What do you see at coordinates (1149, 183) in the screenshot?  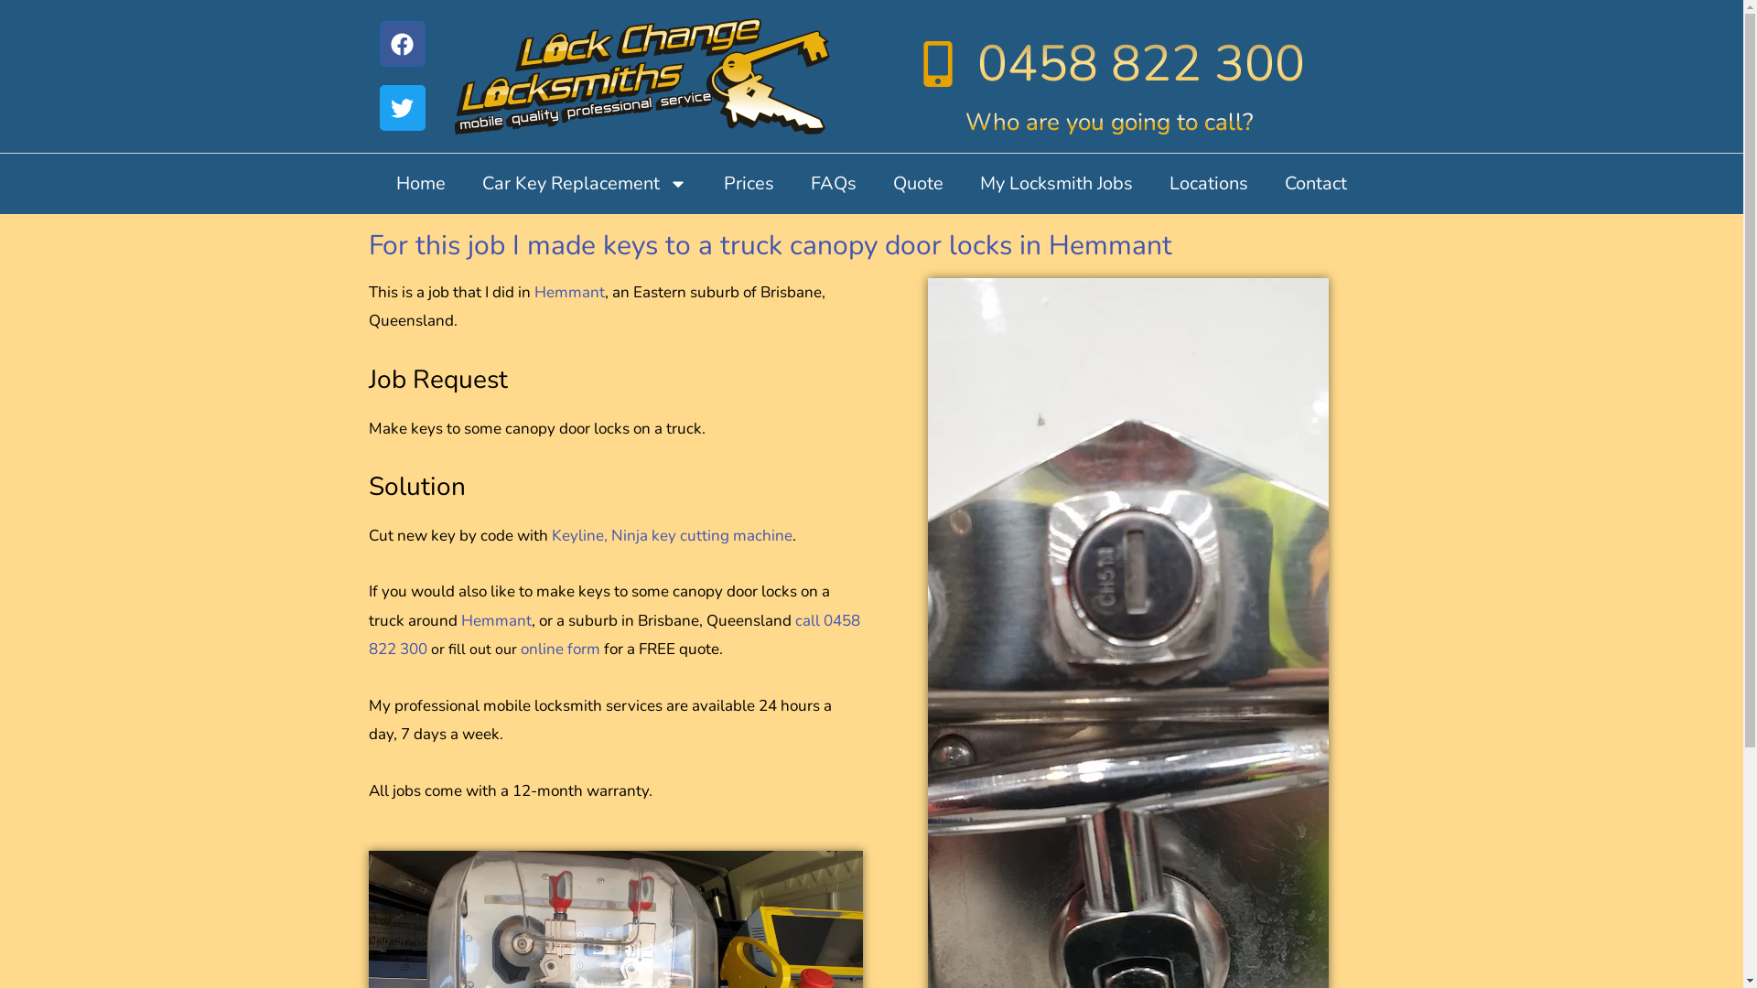 I see `'Locations'` at bounding box center [1149, 183].